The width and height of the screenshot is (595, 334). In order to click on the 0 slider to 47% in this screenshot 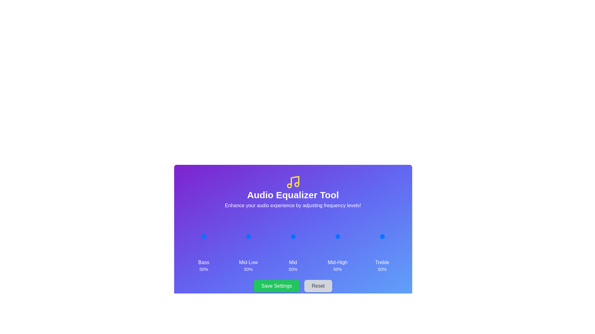, I will do `click(203, 236)`.